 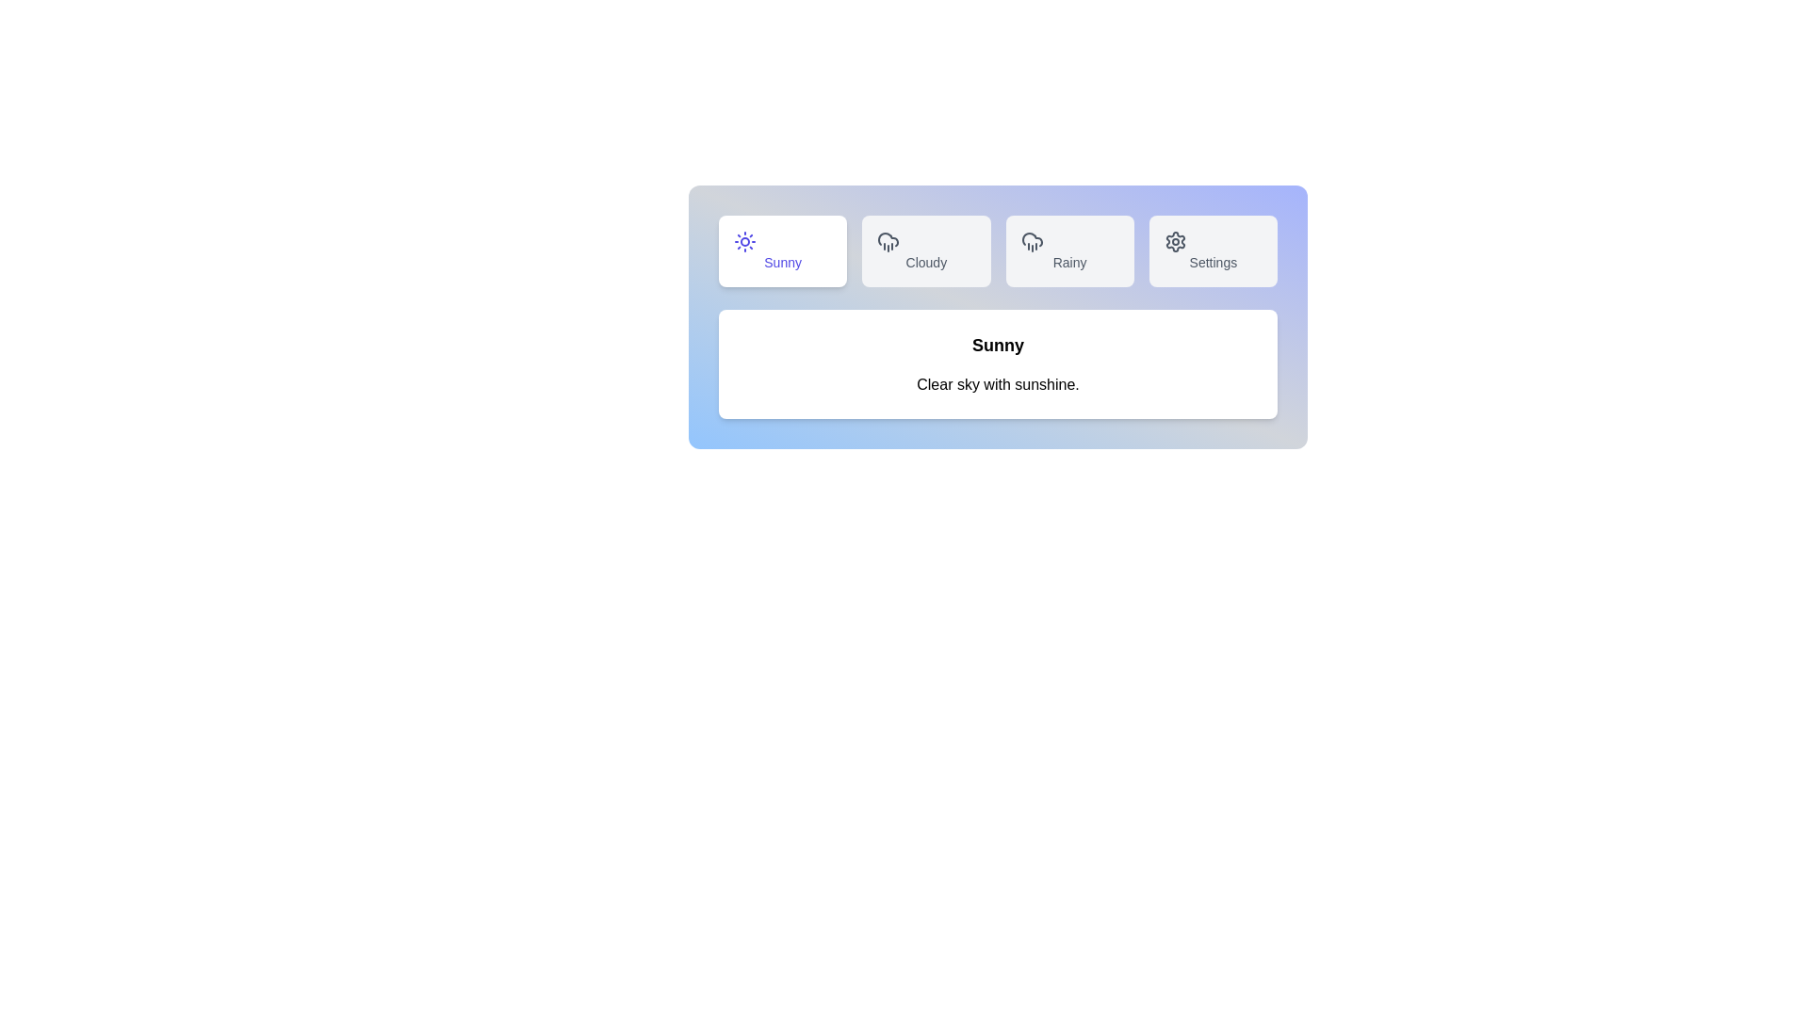 I want to click on the Rainy tab, so click(x=1069, y=250).